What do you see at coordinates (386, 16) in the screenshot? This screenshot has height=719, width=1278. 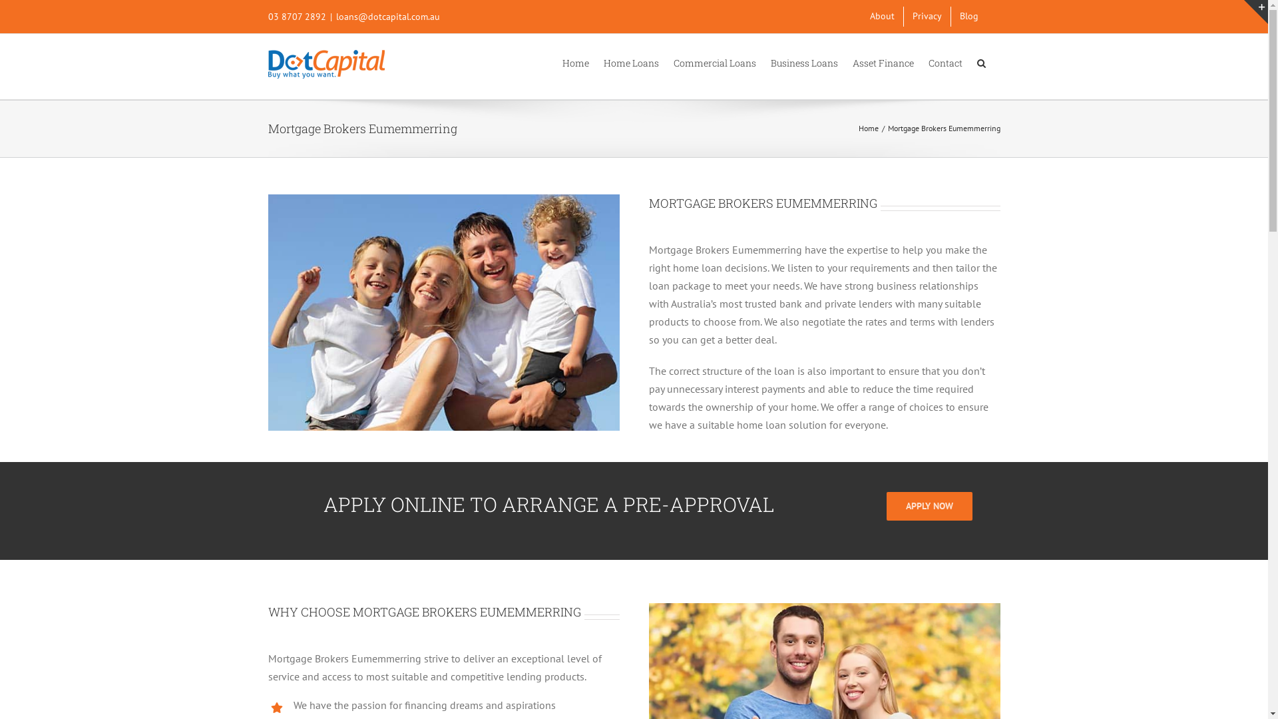 I see `'loans@dotcapital.com.au'` at bounding box center [386, 16].